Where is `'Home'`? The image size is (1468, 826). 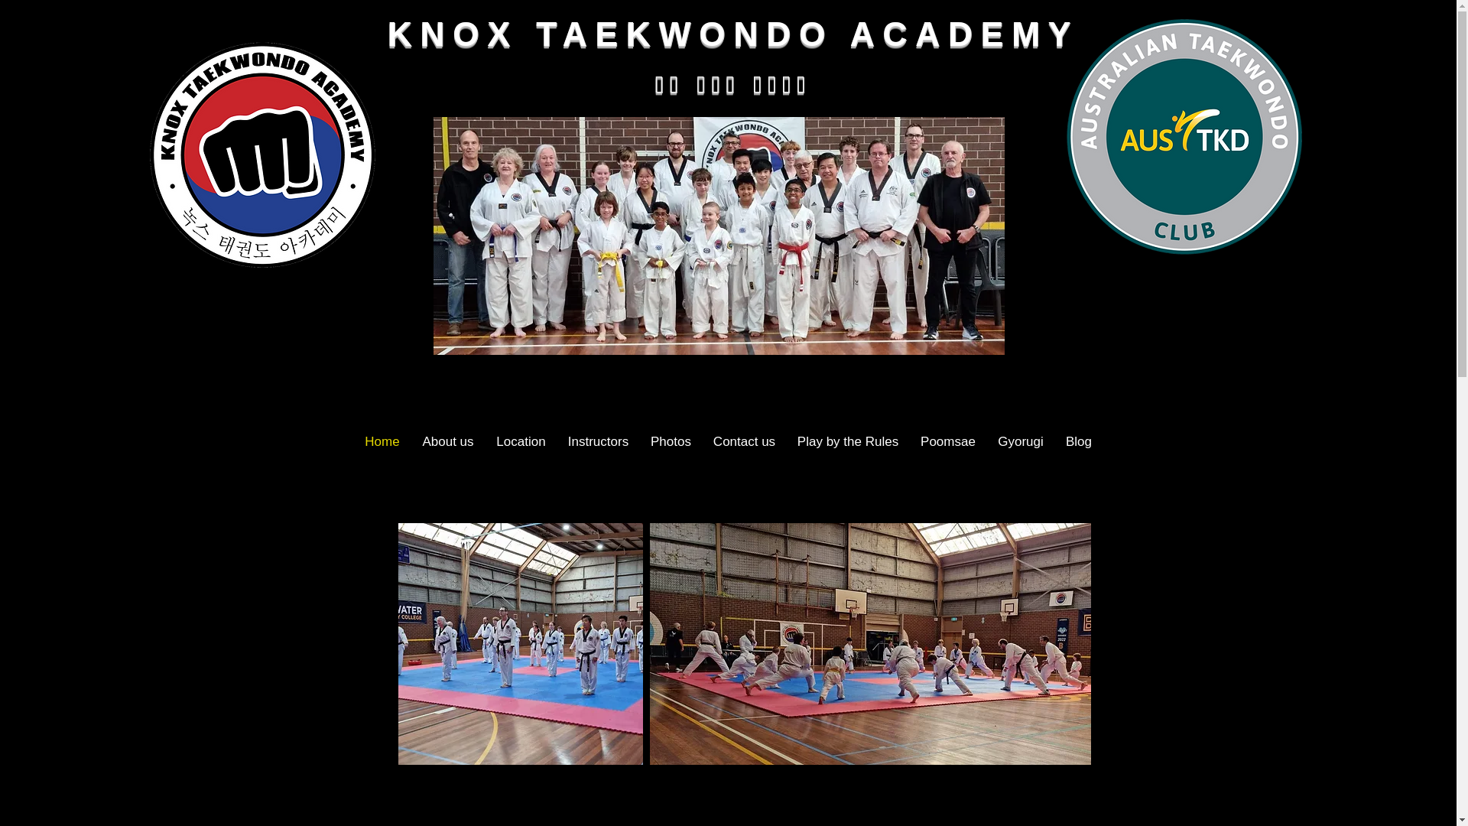
'Home' is located at coordinates (382, 442).